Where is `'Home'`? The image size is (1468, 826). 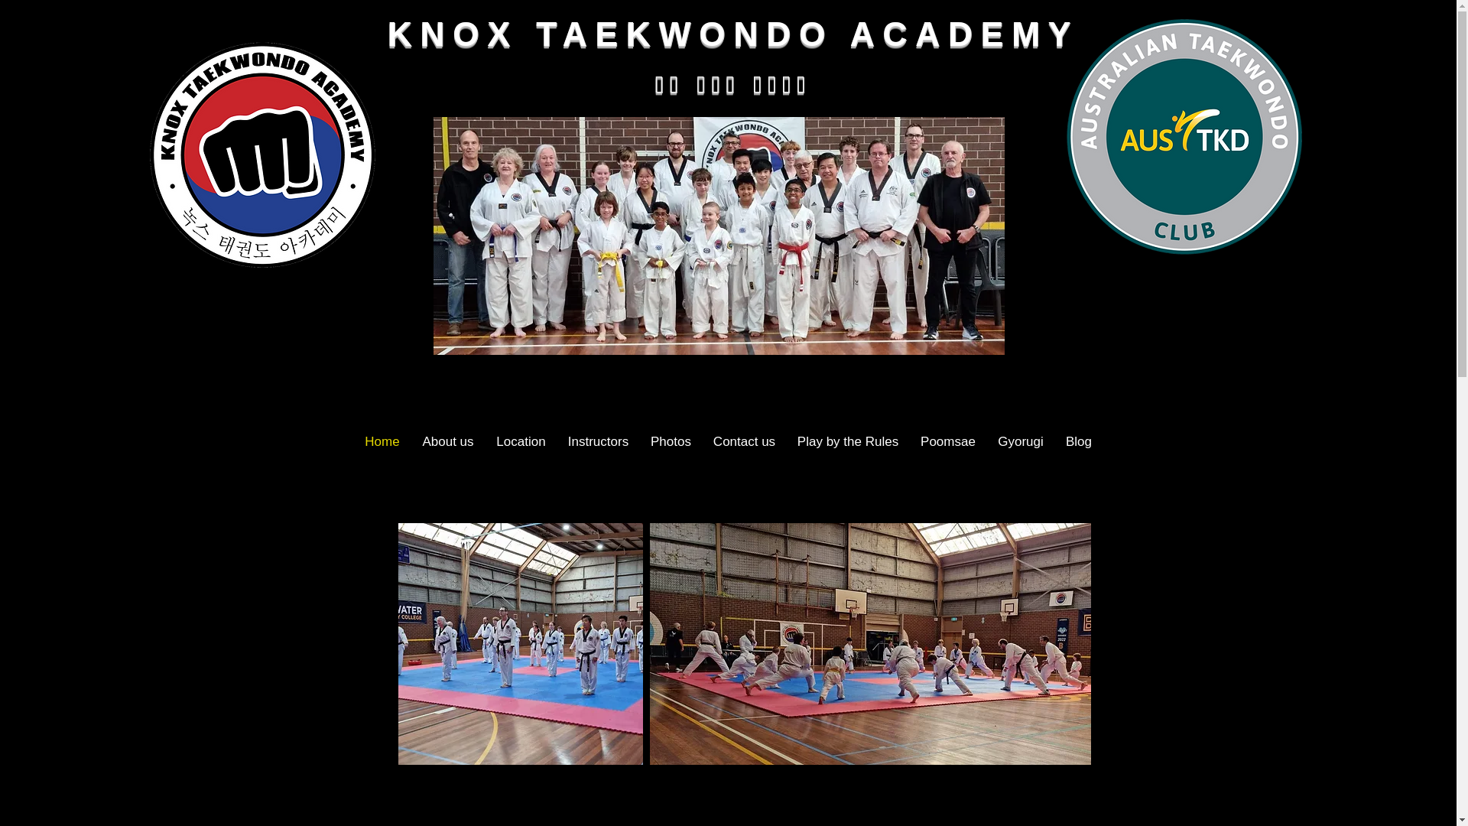
'Home' is located at coordinates (382, 442).